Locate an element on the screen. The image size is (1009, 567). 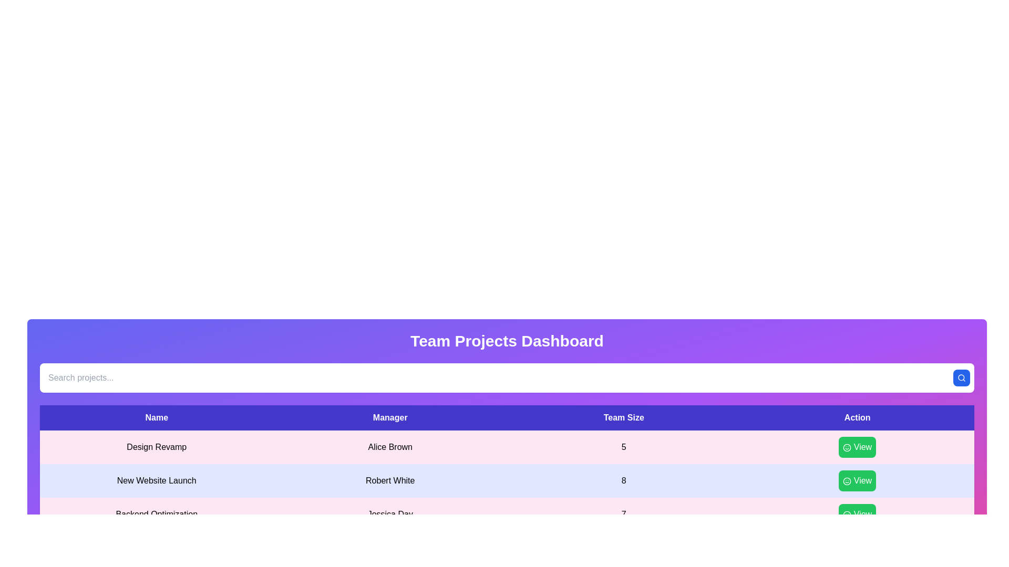
the text label that serves as the header for the 'Manager' column in the table, which is located at the top of the second column from the left is located at coordinates (389, 417).